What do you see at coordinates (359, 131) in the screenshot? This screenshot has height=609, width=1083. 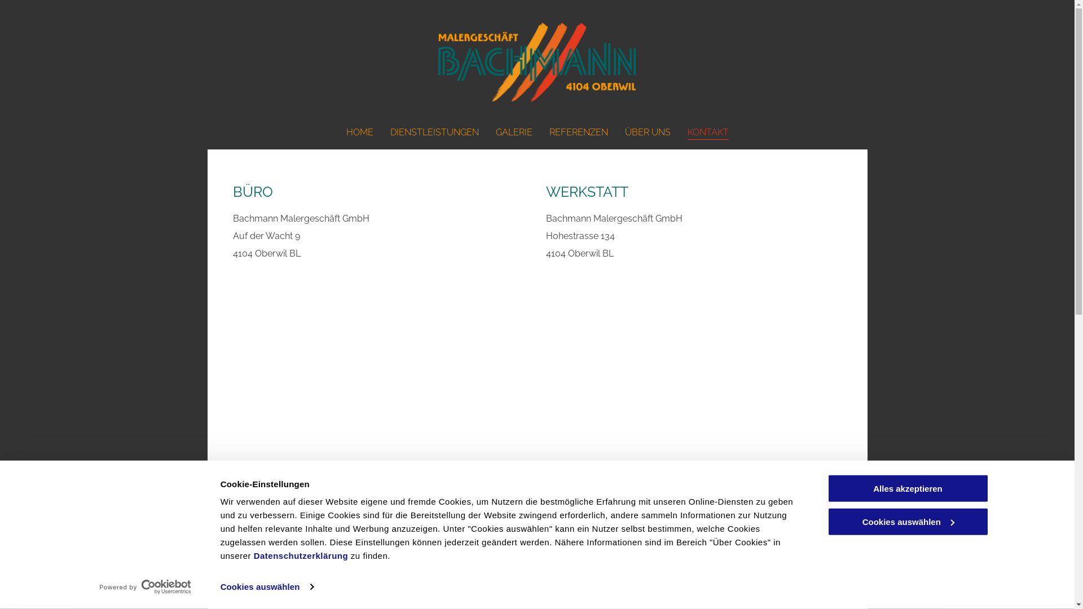 I see `'HOME'` at bounding box center [359, 131].